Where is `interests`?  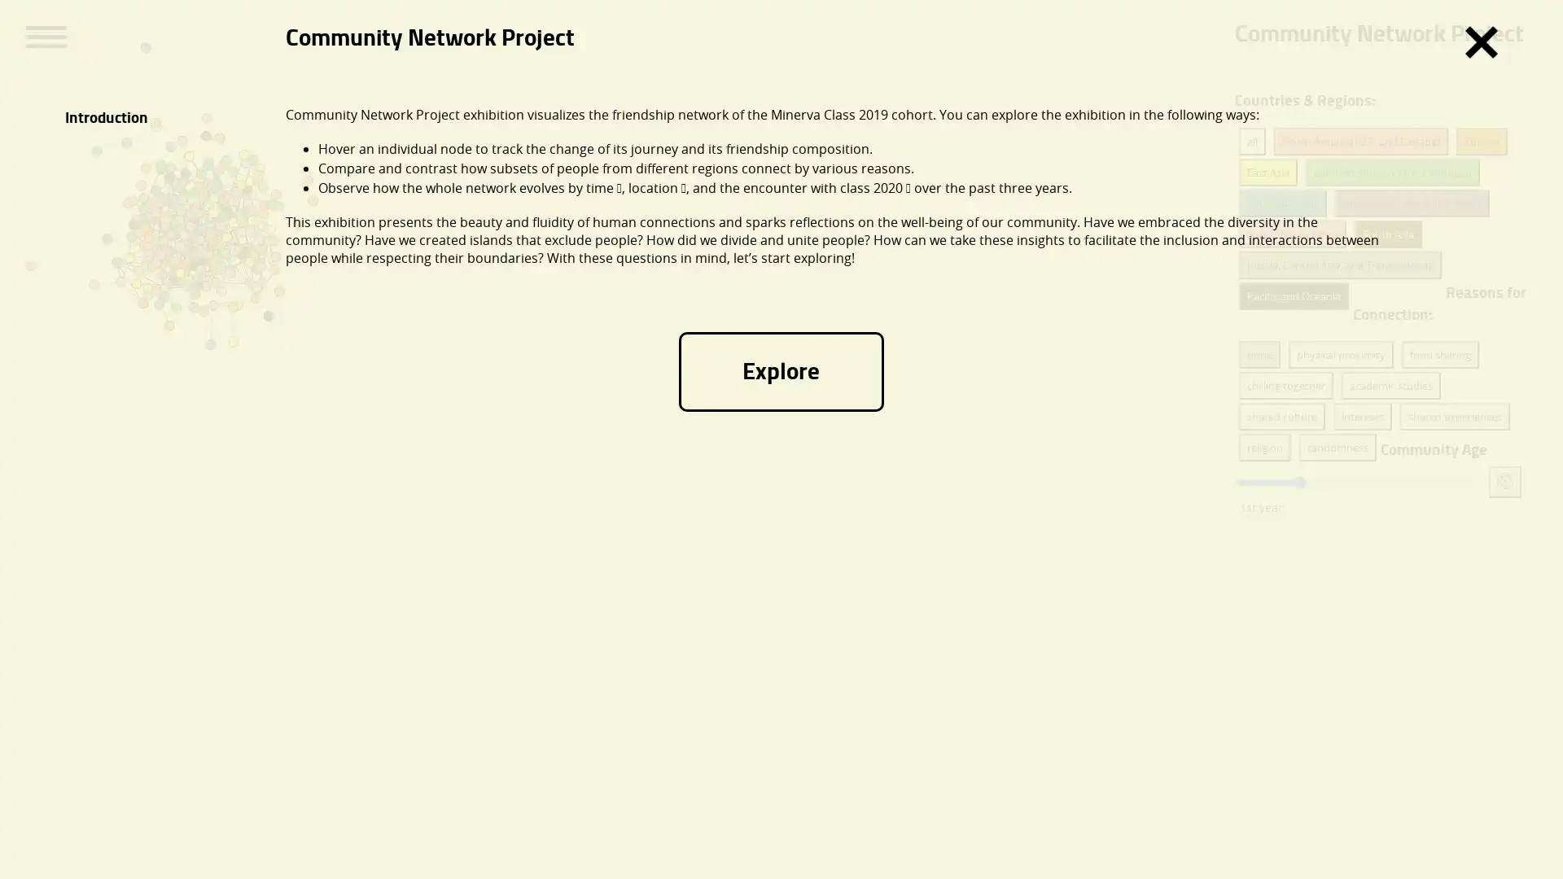 interests is located at coordinates (1363, 416).